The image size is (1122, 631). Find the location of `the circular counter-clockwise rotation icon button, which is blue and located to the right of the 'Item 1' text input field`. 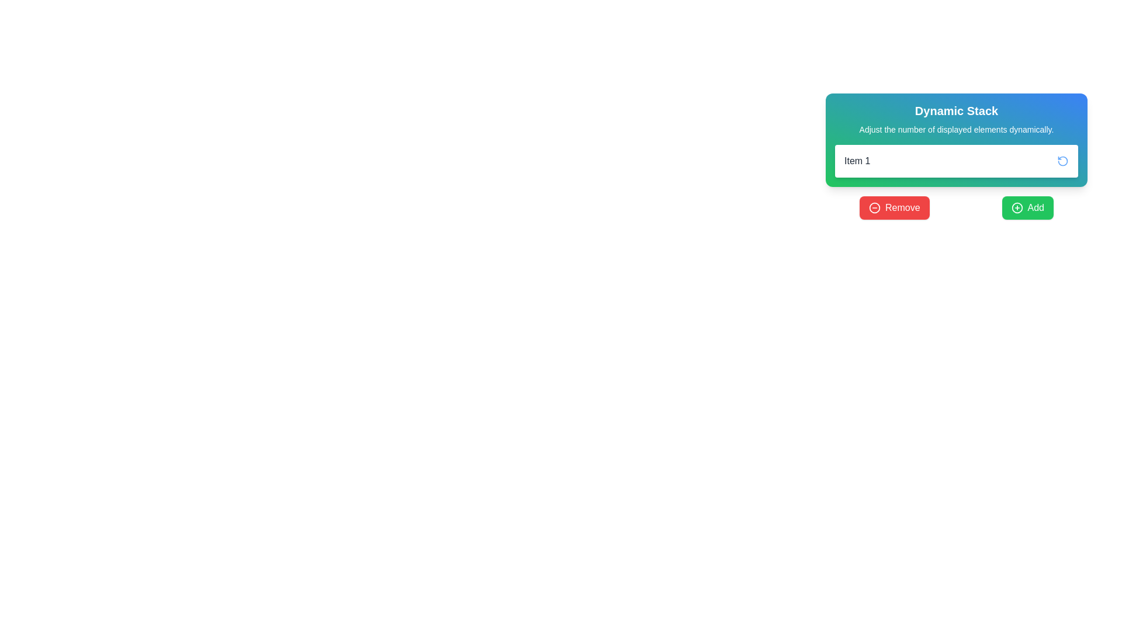

the circular counter-clockwise rotation icon button, which is blue and located to the right of the 'Item 1' text input field is located at coordinates (1063, 161).